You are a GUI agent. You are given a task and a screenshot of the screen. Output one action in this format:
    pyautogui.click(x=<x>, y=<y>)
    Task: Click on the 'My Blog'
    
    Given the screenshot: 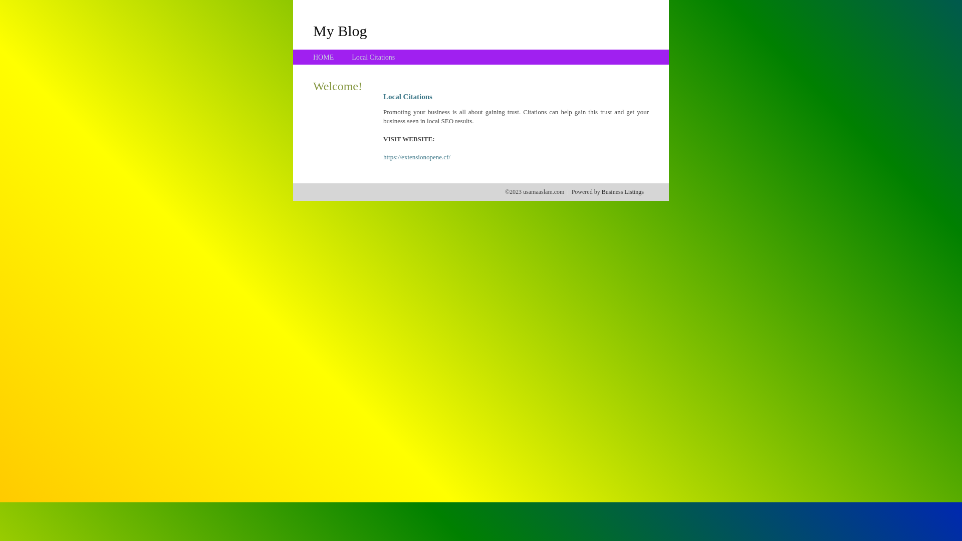 What is the action you would take?
    pyautogui.click(x=312, y=30)
    